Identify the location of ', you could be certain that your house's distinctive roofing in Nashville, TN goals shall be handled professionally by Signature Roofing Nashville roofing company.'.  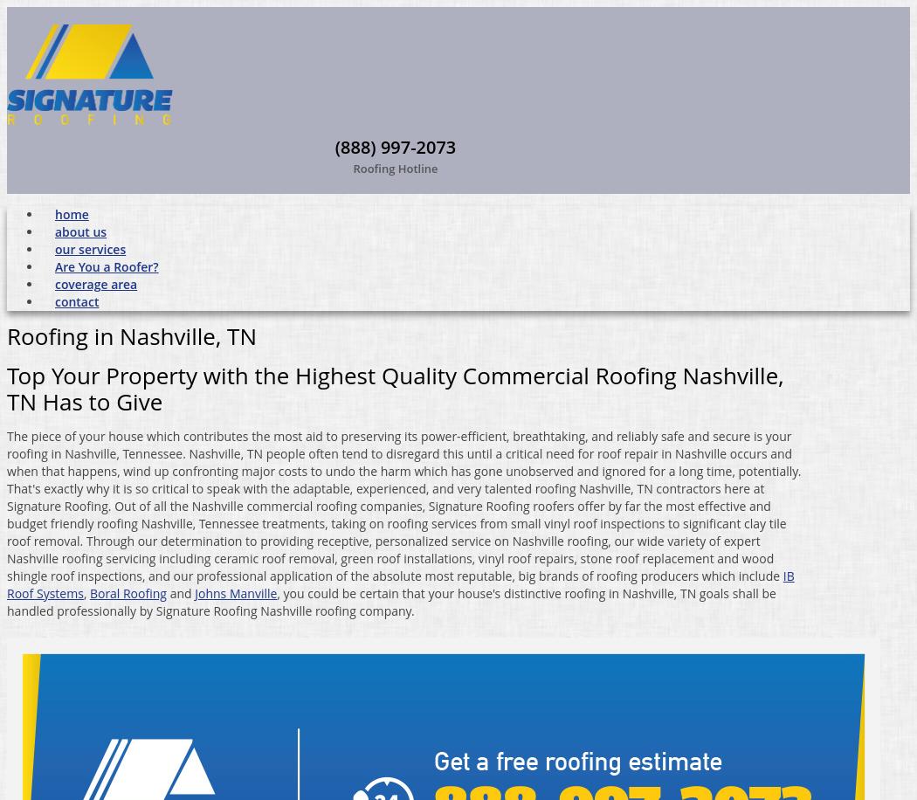
(390, 601).